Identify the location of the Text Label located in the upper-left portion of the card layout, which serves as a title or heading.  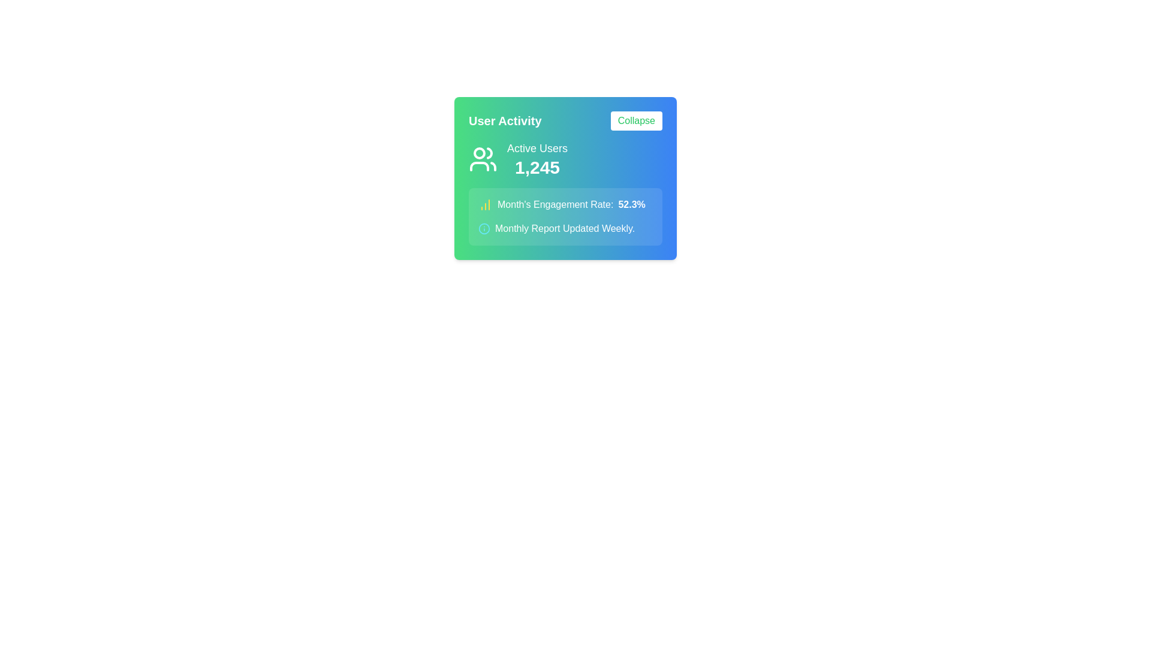
(505, 120).